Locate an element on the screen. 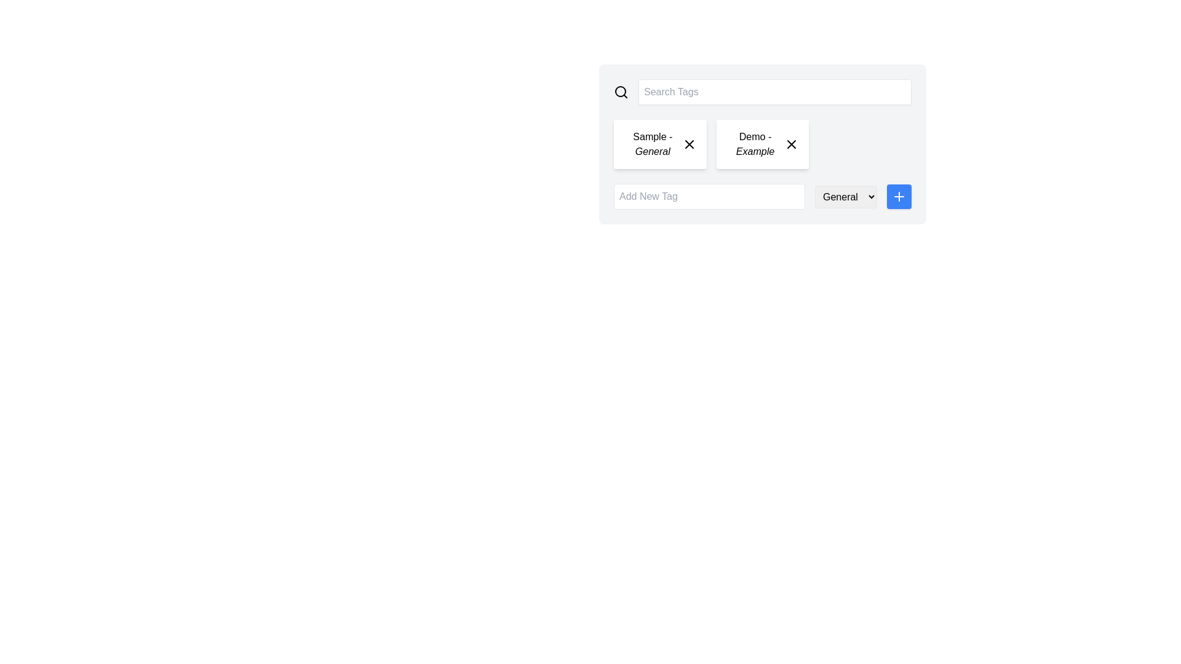  the search icon located on the leftmost side of the UI group to initiate a search is located at coordinates (621, 92).